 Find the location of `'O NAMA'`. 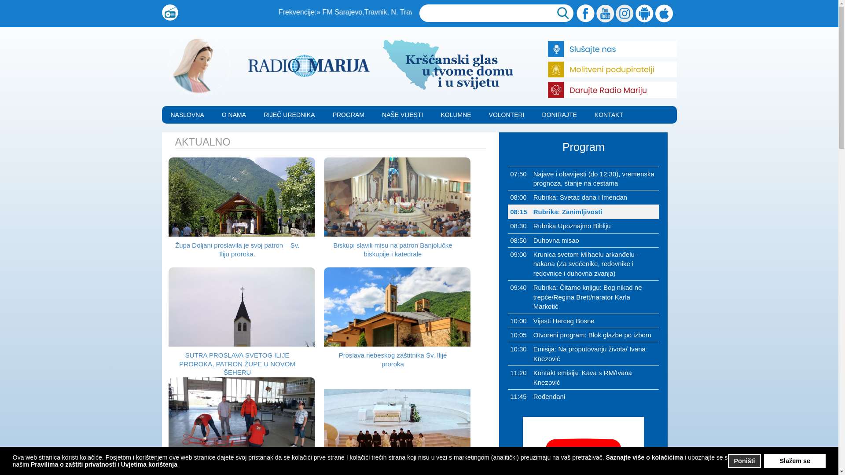

'O NAMA' is located at coordinates (234, 114).